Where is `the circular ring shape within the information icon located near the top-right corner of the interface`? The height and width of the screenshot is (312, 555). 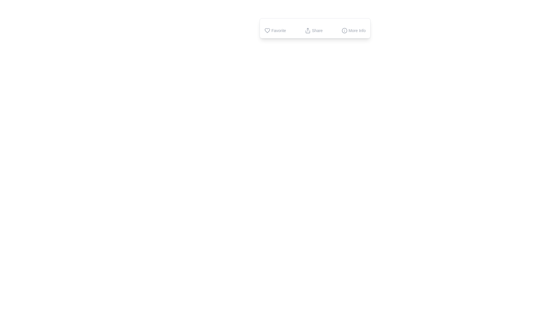 the circular ring shape within the information icon located near the top-right corner of the interface is located at coordinates (344, 30).